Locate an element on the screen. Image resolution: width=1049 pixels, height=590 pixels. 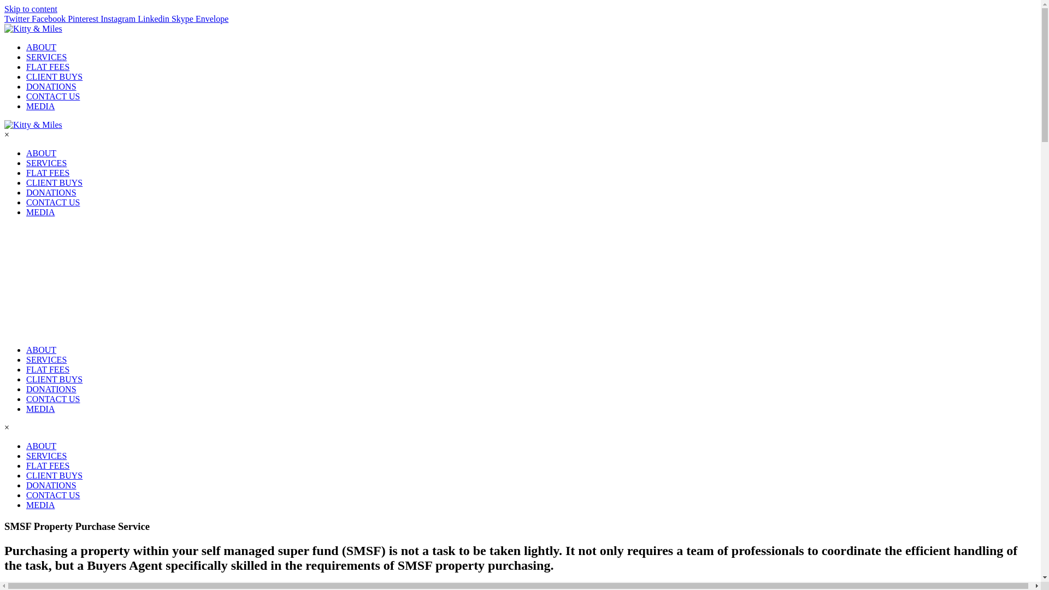
'ABOUT' is located at coordinates (396, 50).